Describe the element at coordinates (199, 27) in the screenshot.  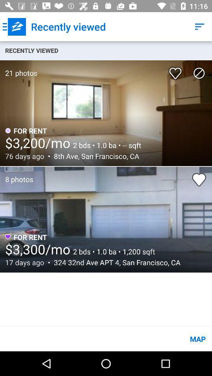
I see `the icon above recently viewed item` at that location.